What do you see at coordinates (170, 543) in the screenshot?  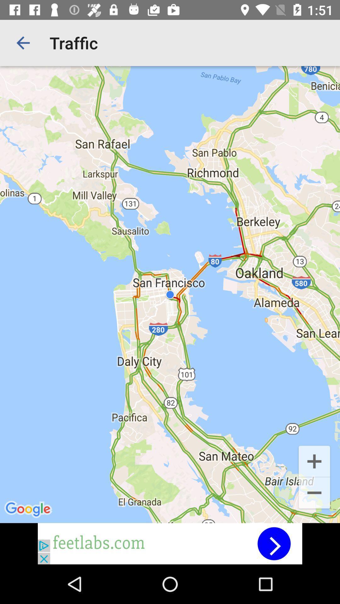 I see `feetlabs.com icon` at bounding box center [170, 543].